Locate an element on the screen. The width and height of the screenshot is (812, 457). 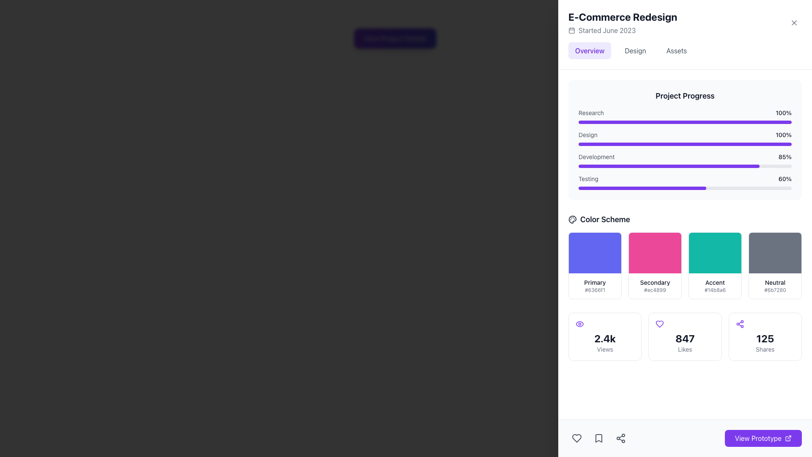
the SVG rectangle that represents the calendar icon next to the text 'Started June 2023' in the right-hand information panel is located at coordinates (572, 30).